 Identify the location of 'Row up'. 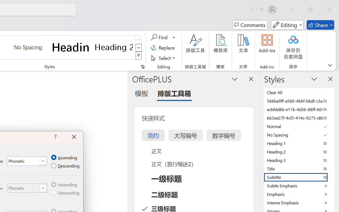
(139, 40).